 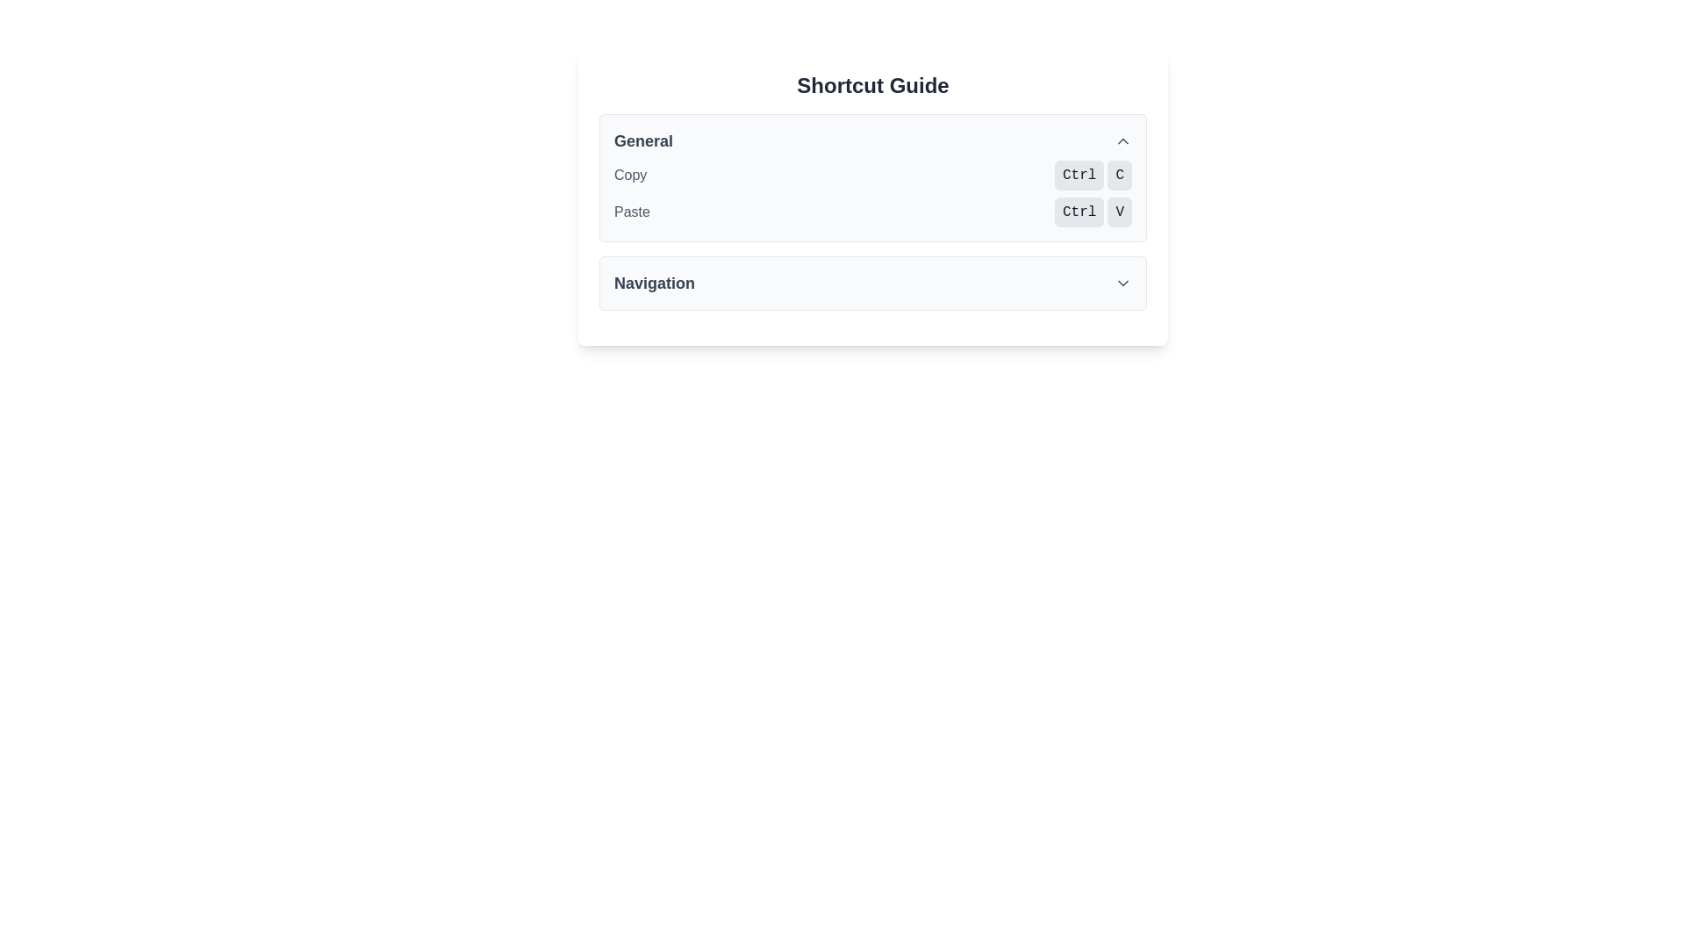 What do you see at coordinates (1093, 212) in the screenshot?
I see `text 'Ctrl' and 'V' inside the rounded rectangular buttons of the Keyboard Shortcut Representation located in the right-side of the row containing the label 'Paste'` at bounding box center [1093, 212].